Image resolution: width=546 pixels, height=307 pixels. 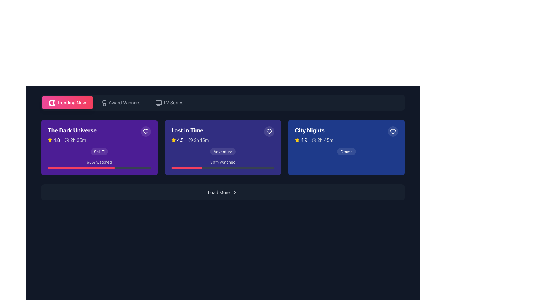 What do you see at coordinates (297, 140) in the screenshot?
I see `the rating icon located in the rightmost film card, which is visually represented to the left of the '4.9' rating text` at bounding box center [297, 140].